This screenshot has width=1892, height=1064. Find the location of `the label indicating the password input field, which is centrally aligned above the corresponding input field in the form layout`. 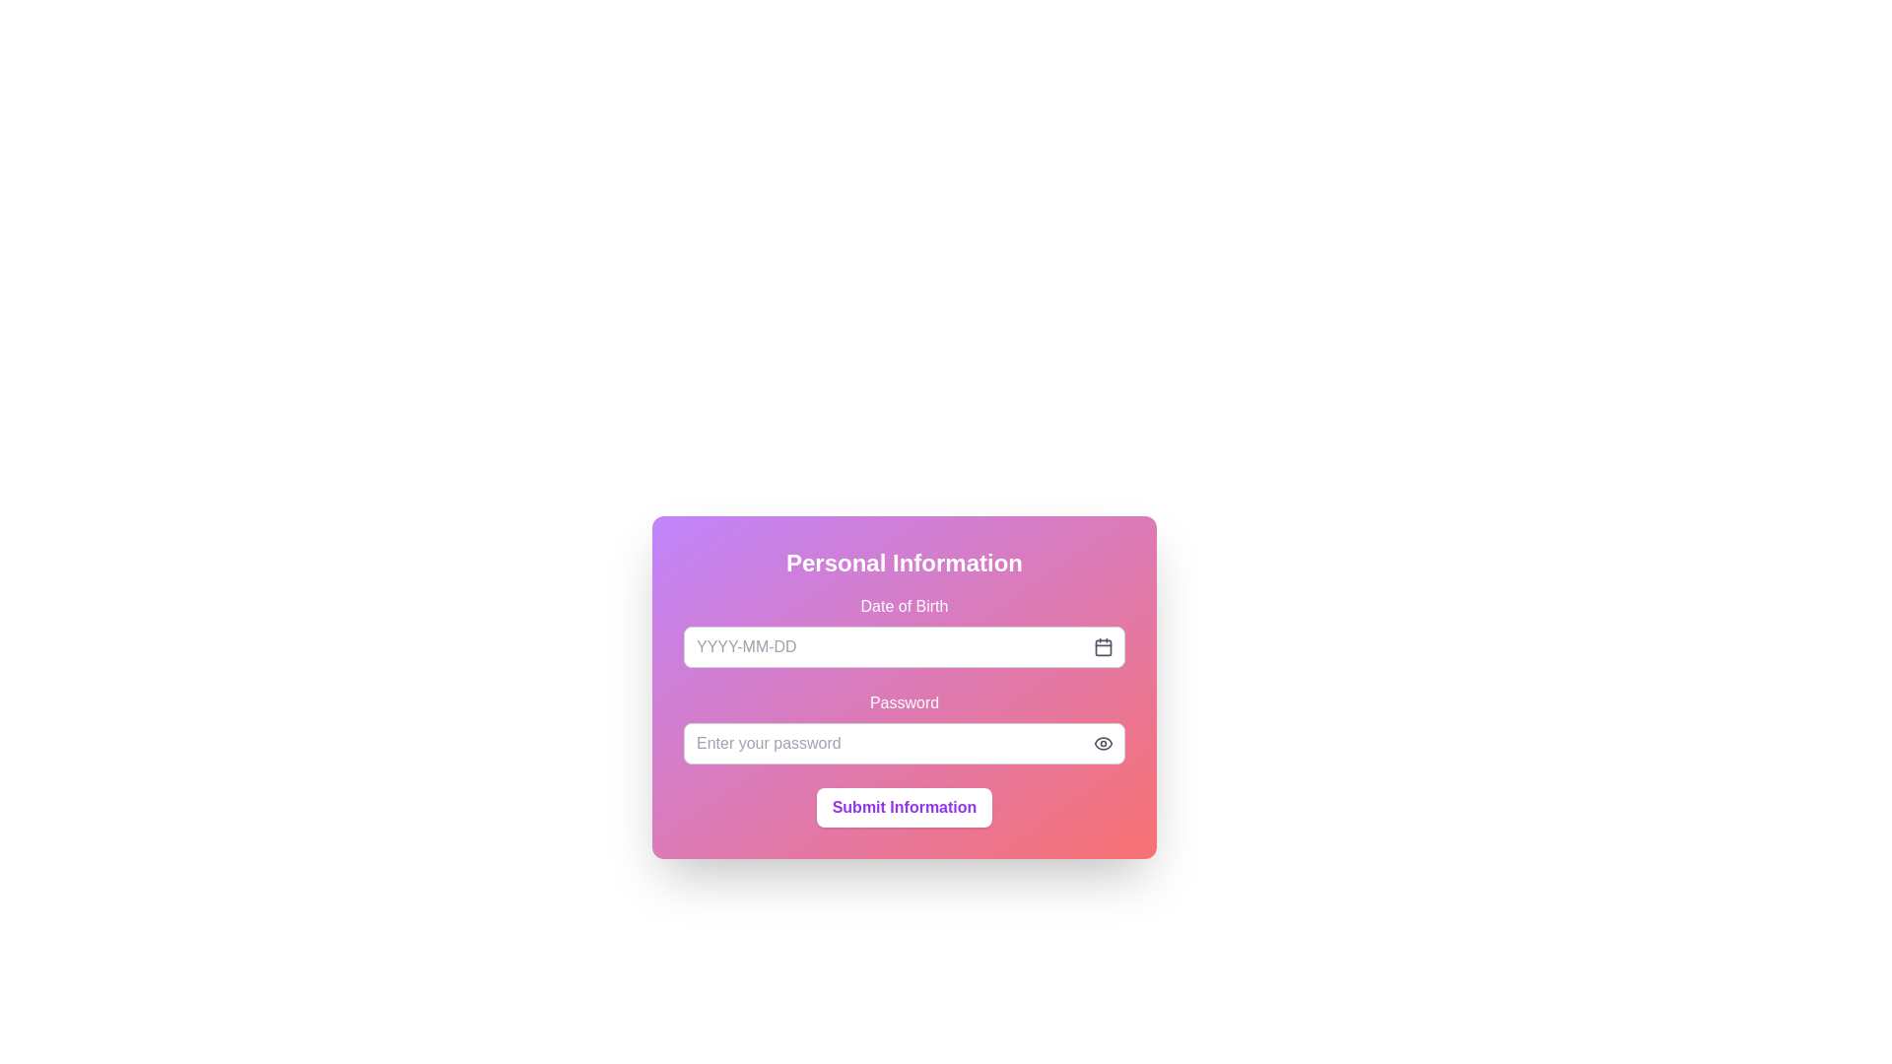

the label indicating the password input field, which is centrally aligned above the corresponding input field in the form layout is located at coordinates (903, 701).